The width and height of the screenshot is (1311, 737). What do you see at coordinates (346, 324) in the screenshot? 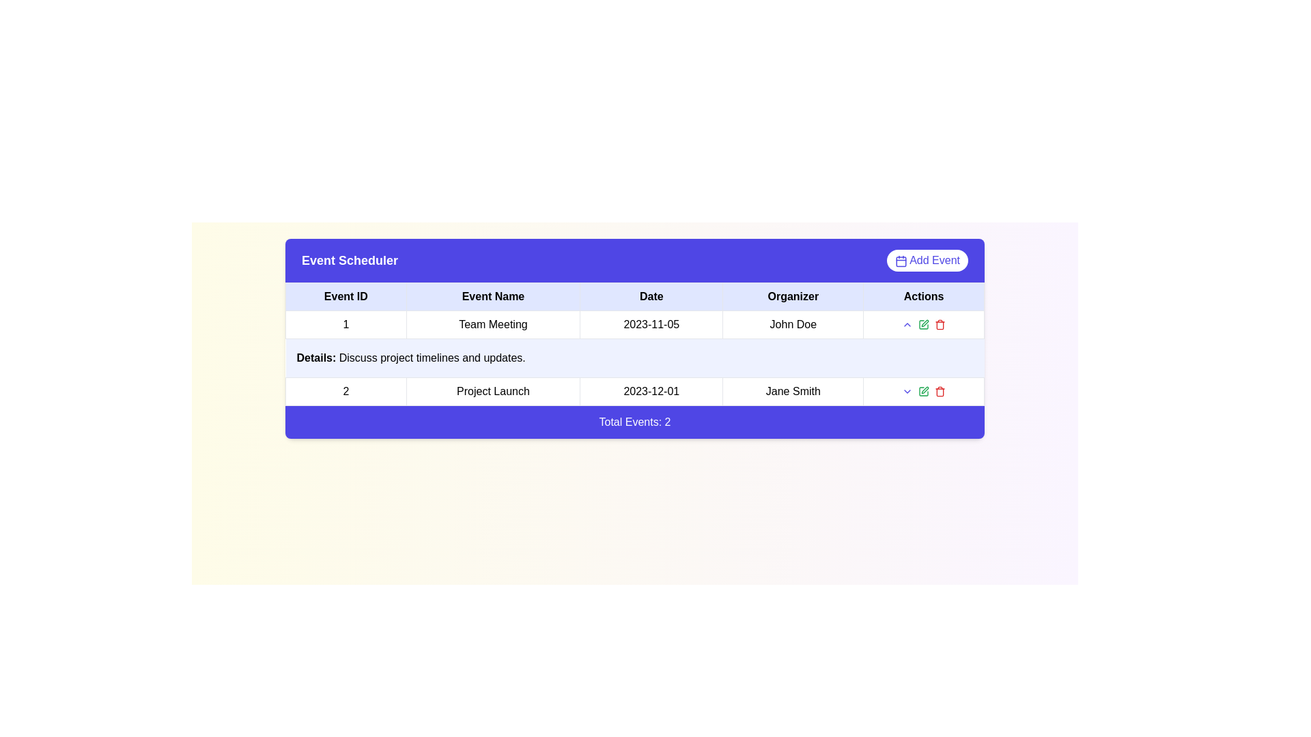
I see `the Plain text element displaying the number '1'` at bounding box center [346, 324].